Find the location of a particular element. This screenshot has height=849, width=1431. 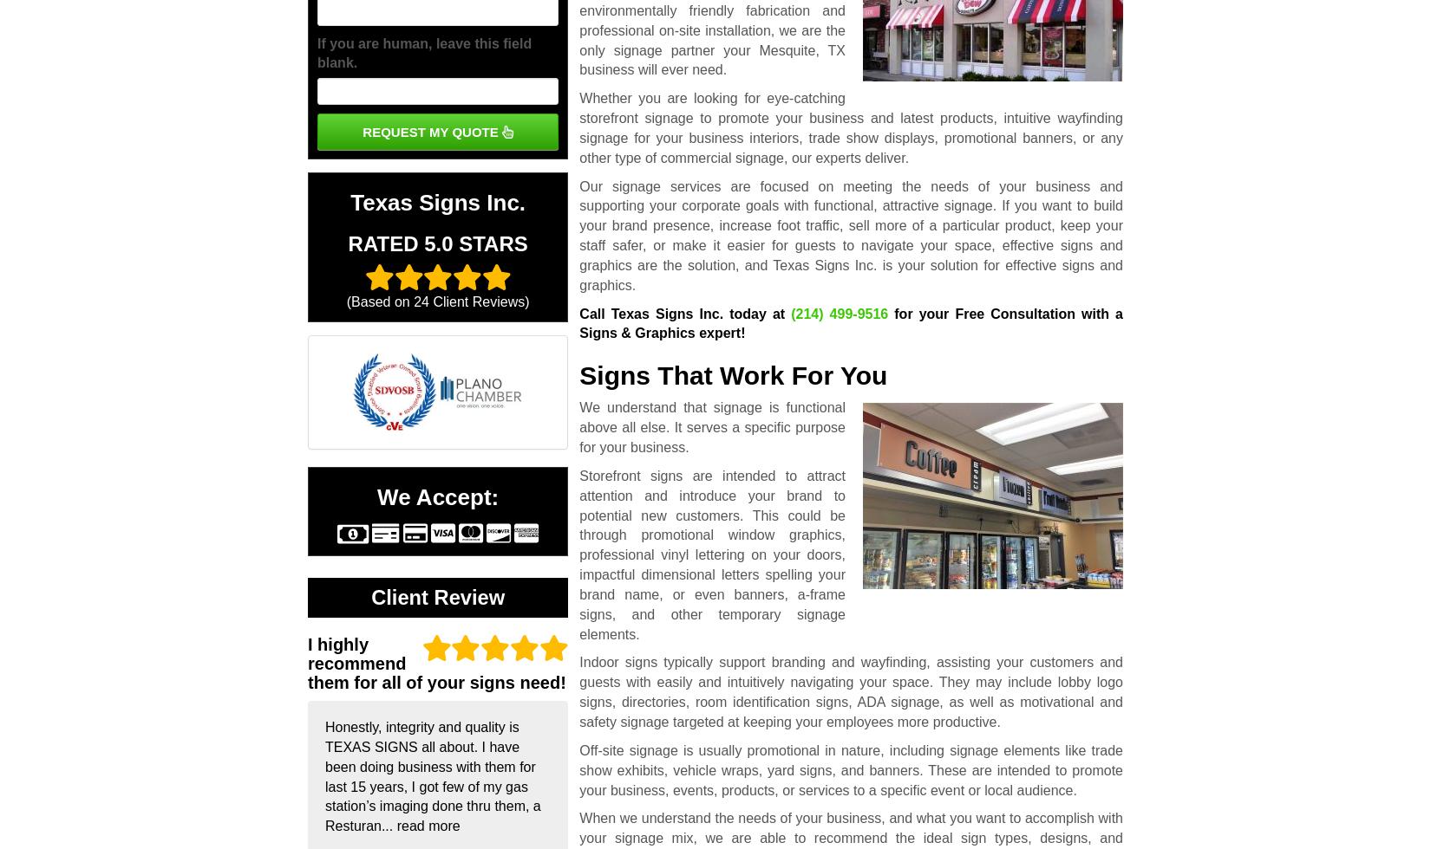

'for your Free Consultation with a Signs & Graphics expert!' is located at coordinates (578, 322).